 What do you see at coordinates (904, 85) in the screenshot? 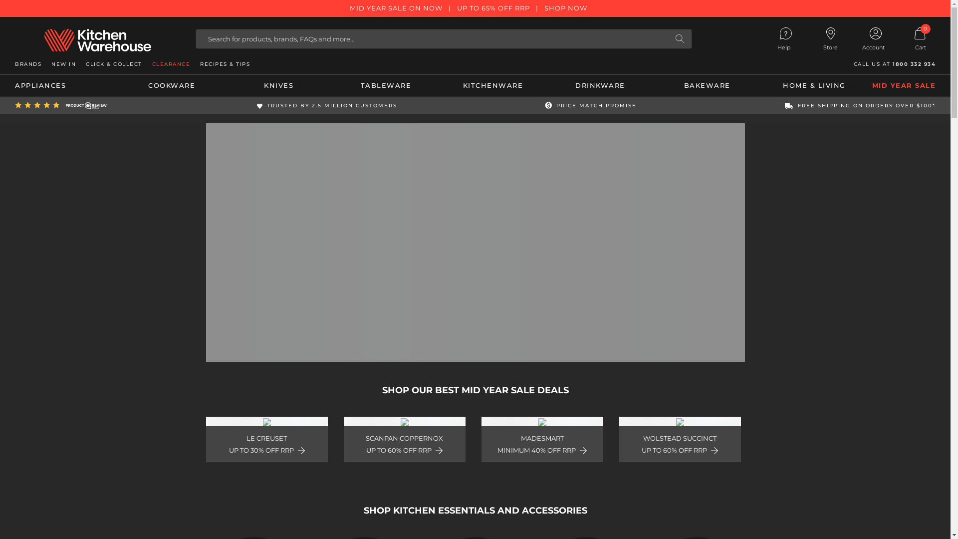
I see `'MID YEAR SALE'` at bounding box center [904, 85].